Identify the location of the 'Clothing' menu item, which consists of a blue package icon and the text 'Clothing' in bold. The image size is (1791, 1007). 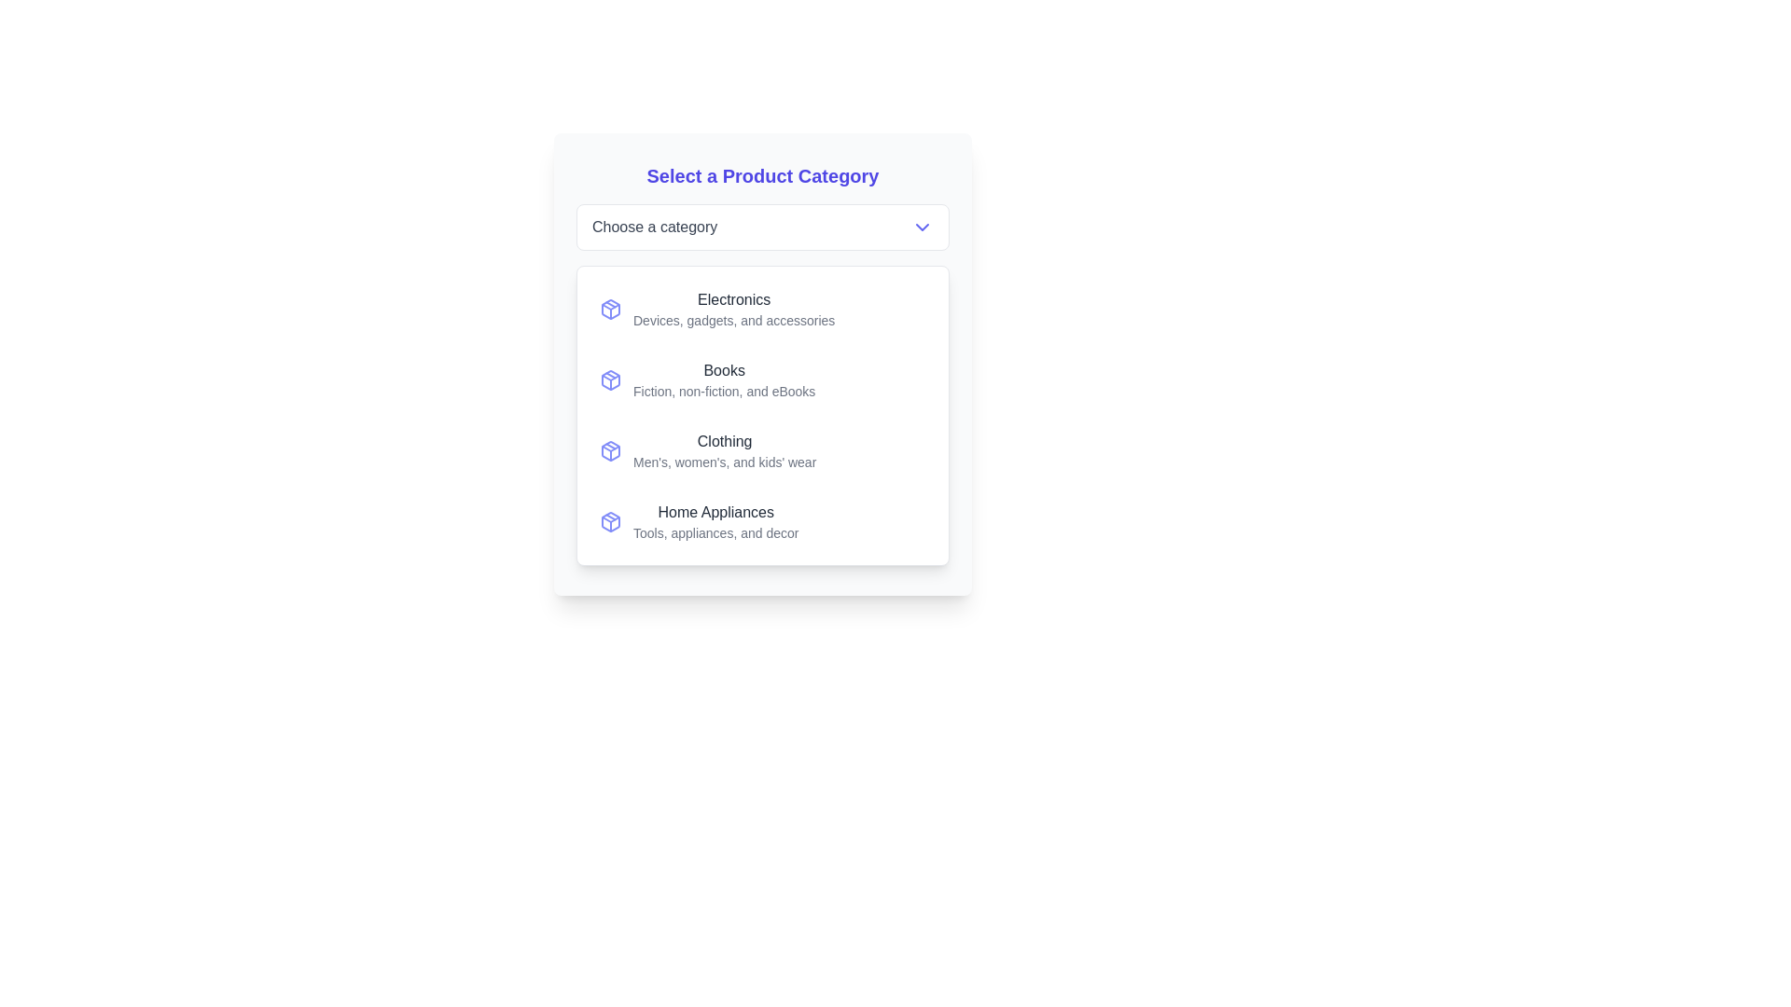
(707, 450).